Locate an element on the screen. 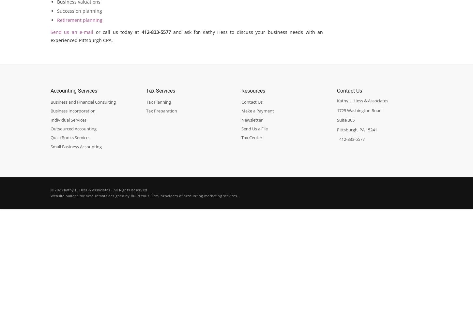  'QuickBooks Services' is located at coordinates (50, 138).